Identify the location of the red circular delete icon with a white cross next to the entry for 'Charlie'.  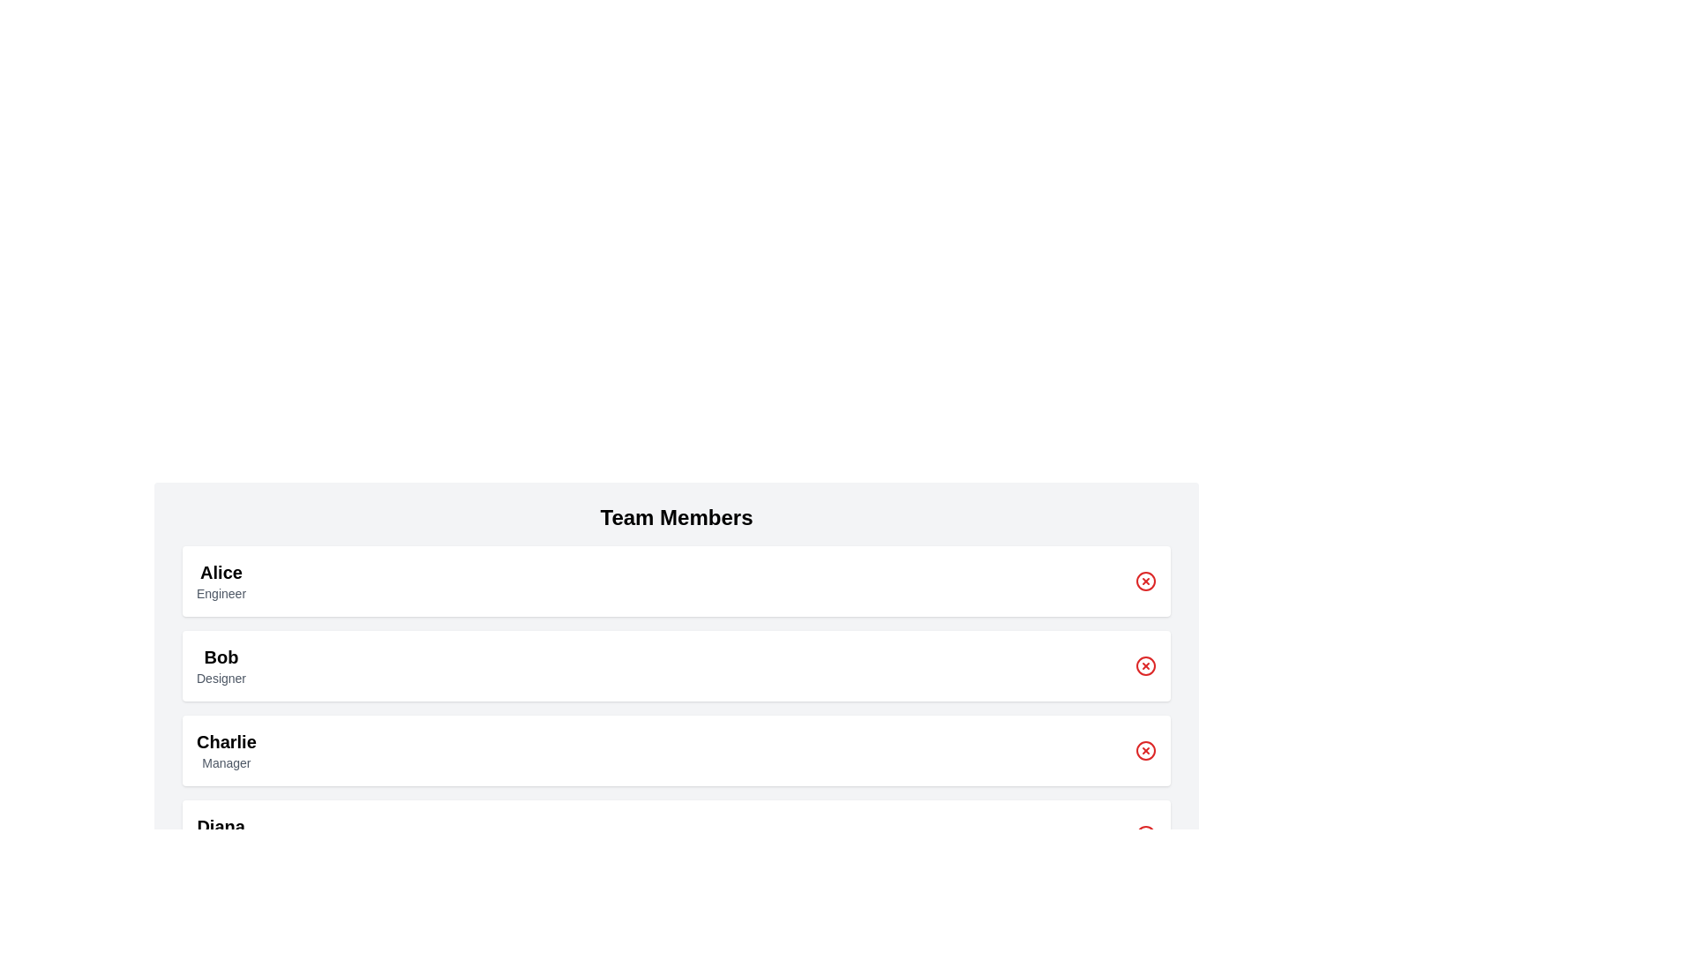
(1146, 751).